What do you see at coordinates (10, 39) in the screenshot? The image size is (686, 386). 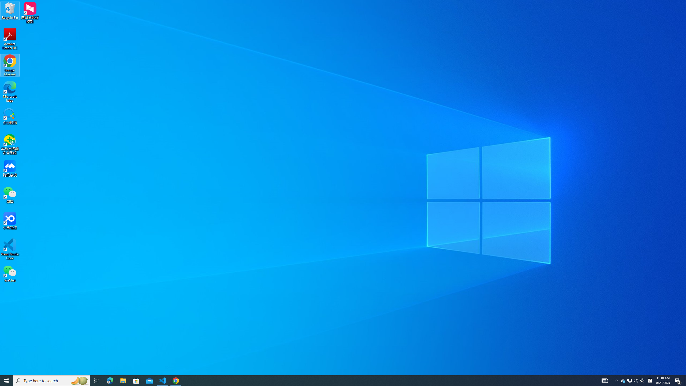 I see `'Acrobat Reader DC'` at bounding box center [10, 39].